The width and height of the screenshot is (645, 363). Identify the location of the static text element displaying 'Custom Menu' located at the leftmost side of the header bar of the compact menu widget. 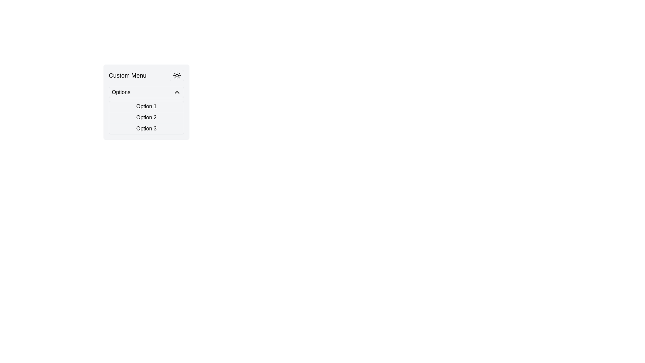
(127, 75).